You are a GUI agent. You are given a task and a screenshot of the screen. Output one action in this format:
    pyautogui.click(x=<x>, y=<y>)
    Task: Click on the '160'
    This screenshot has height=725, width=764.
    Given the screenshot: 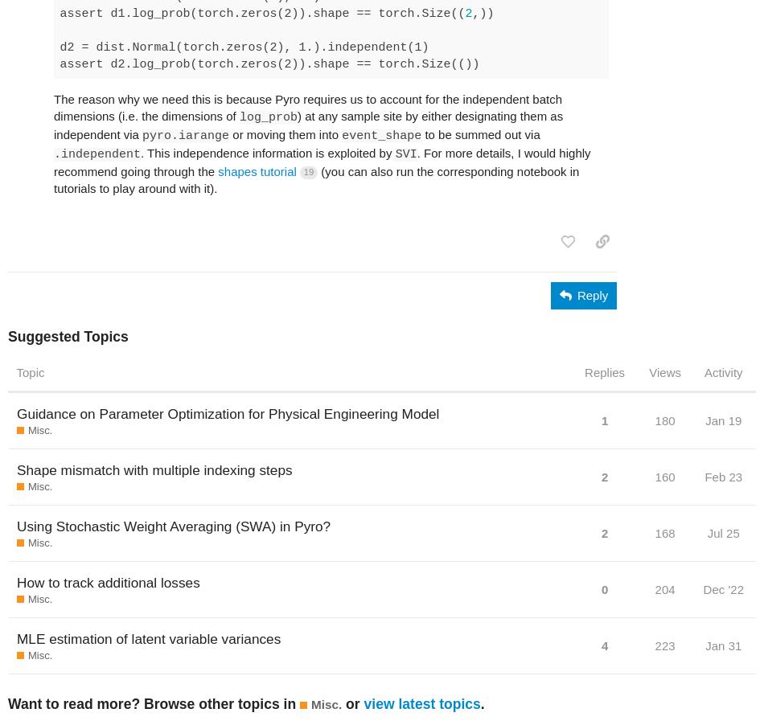 What is the action you would take?
    pyautogui.click(x=653, y=477)
    